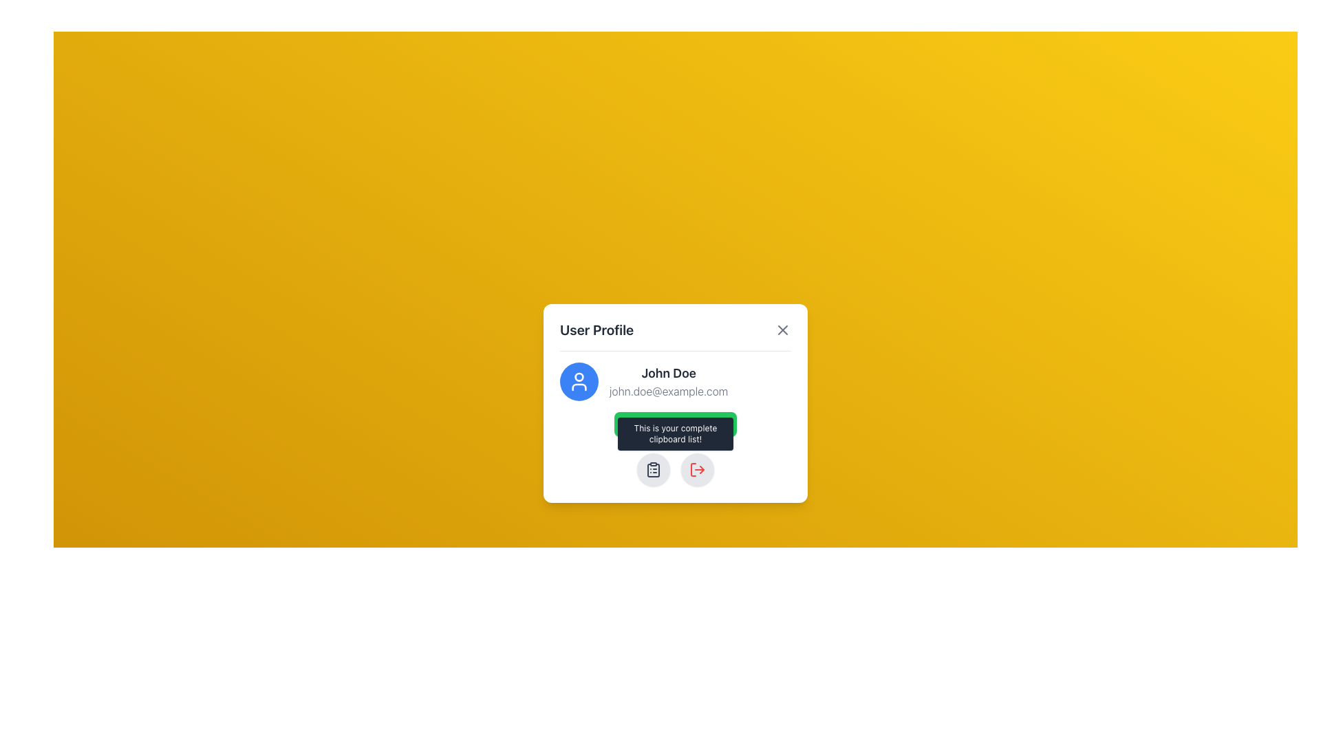  I want to click on the circular blue button containing the SVG icon that represents the user profile, located above the text 'John Doe' and its email, so click(579, 381).